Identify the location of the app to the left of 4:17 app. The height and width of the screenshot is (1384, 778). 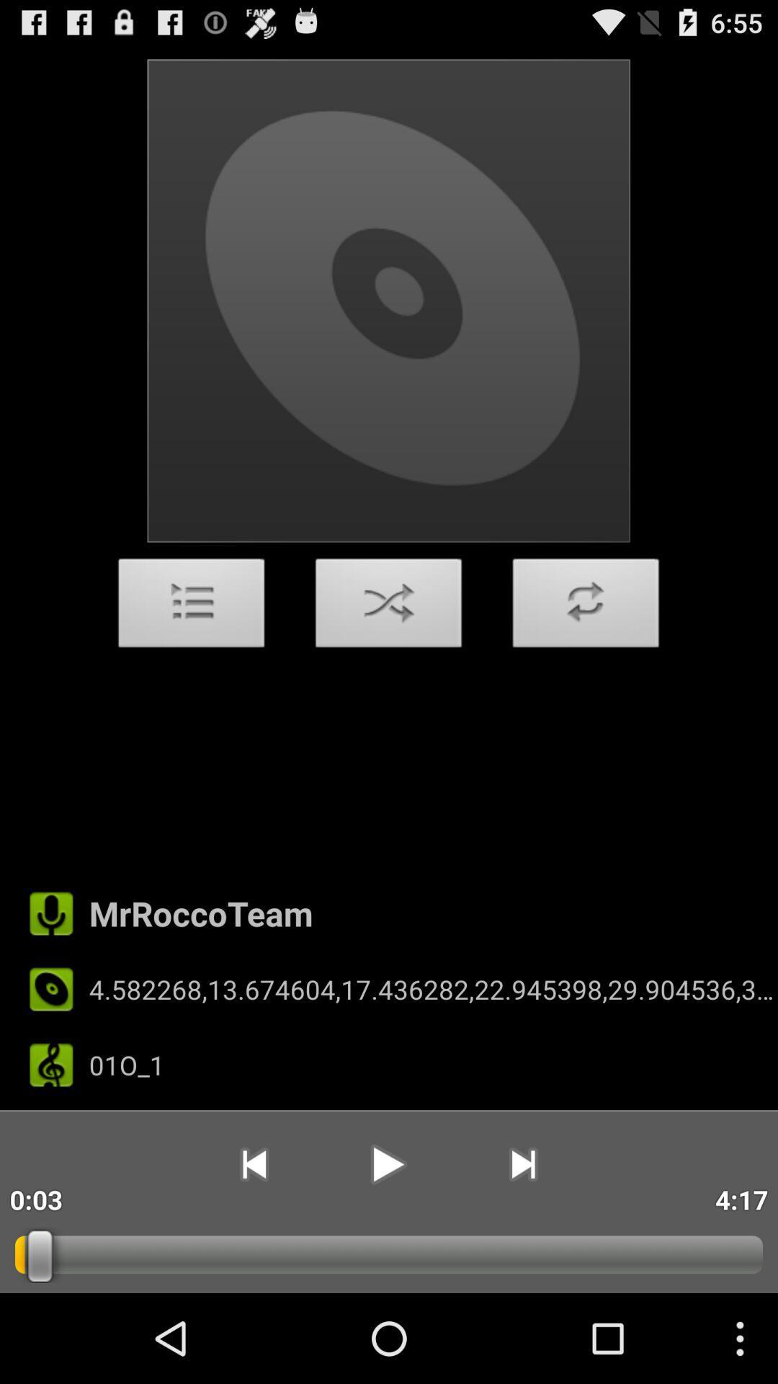
(523, 1164).